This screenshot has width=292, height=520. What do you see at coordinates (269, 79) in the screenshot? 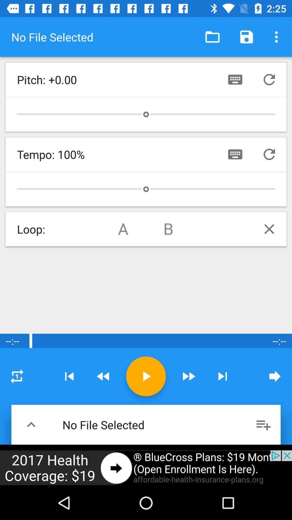
I see `reset pitch` at bounding box center [269, 79].